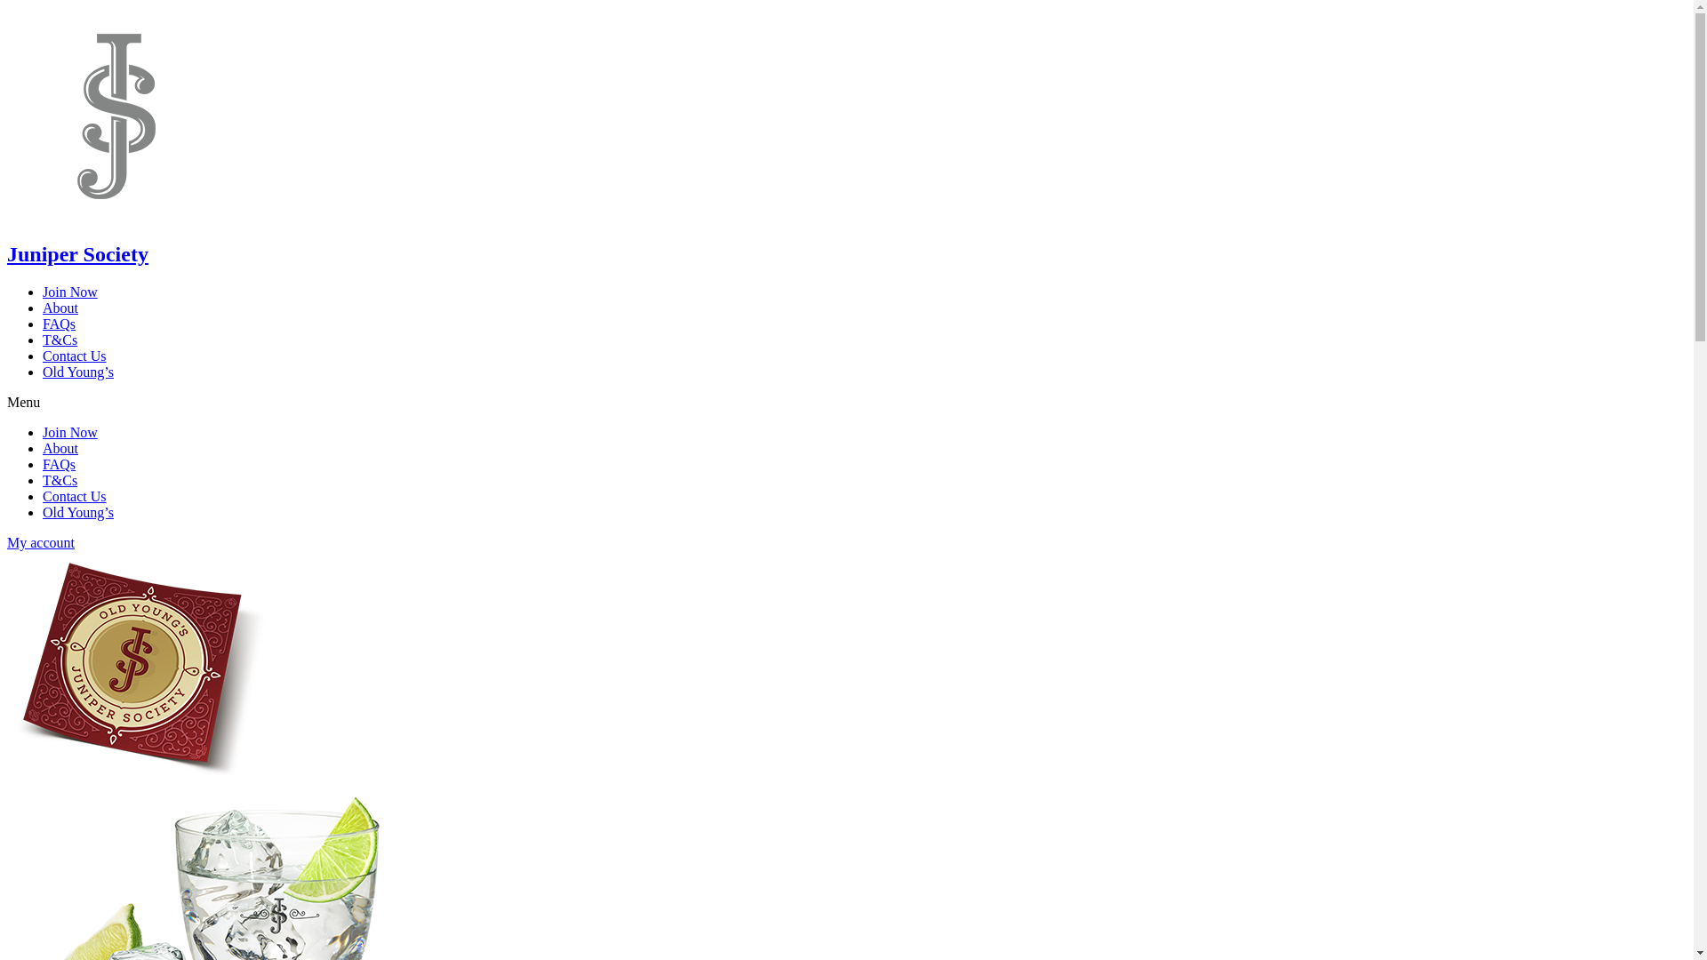 The image size is (1707, 960). What do you see at coordinates (7, 253) in the screenshot?
I see `'Juniper Society'` at bounding box center [7, 253].